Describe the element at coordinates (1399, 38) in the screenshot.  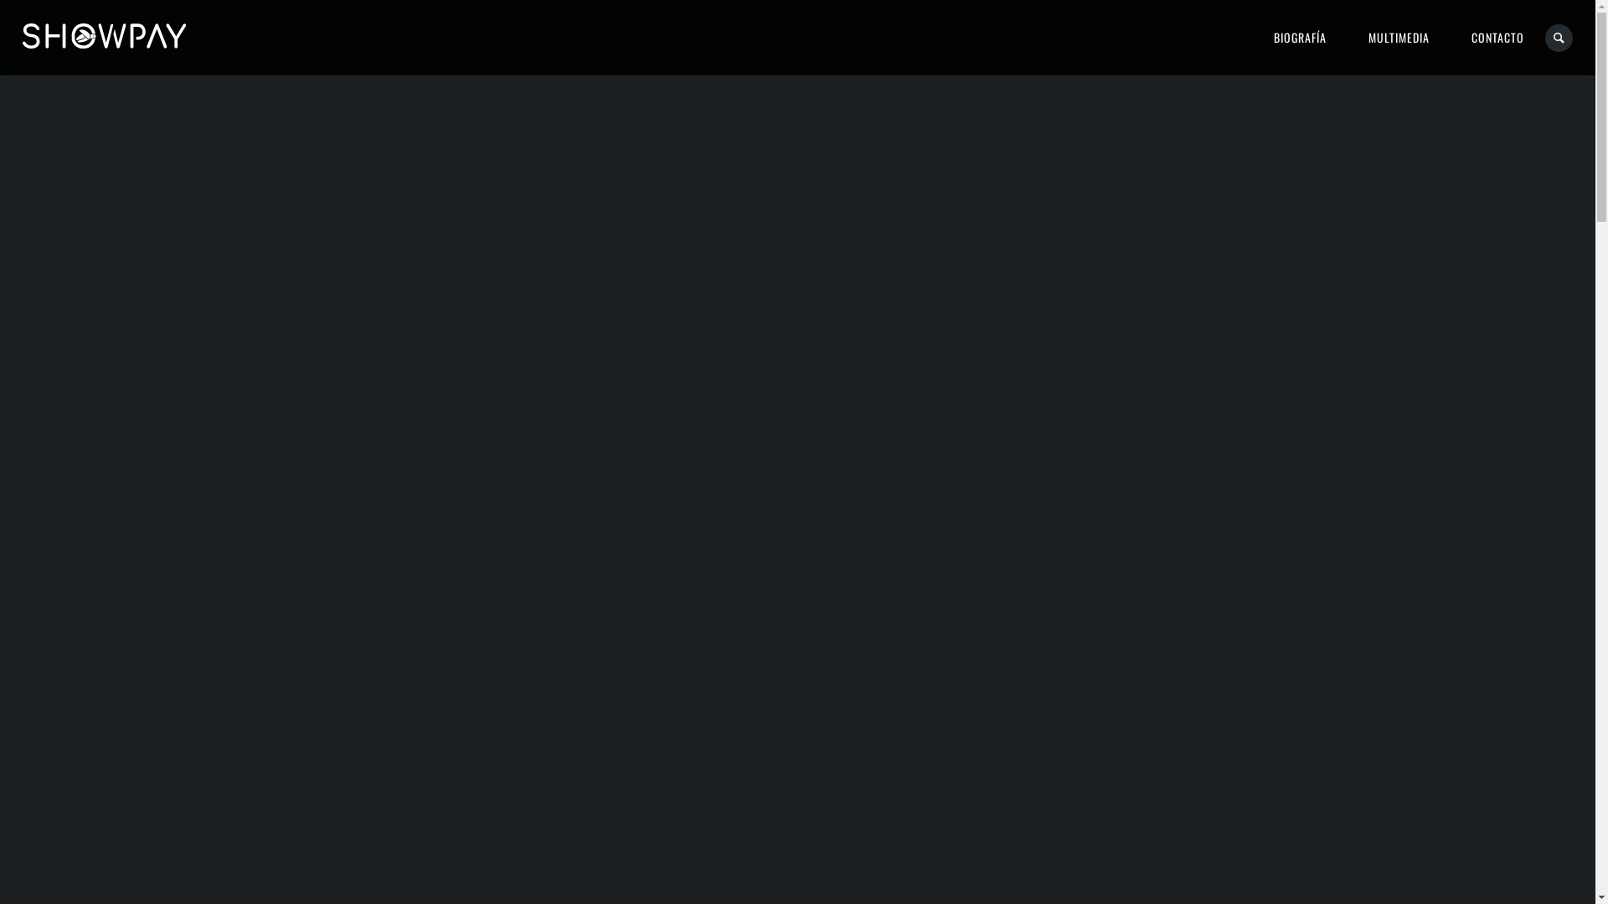
I see `'MULTIMEDIA'` at that location.